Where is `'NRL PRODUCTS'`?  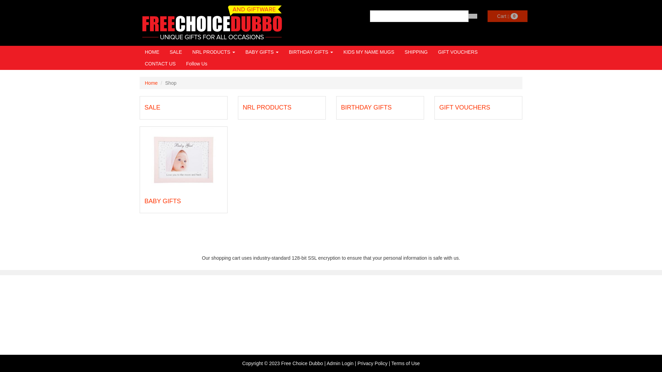 'NRL PRODUCTS' is located at coordinates (267, 107).